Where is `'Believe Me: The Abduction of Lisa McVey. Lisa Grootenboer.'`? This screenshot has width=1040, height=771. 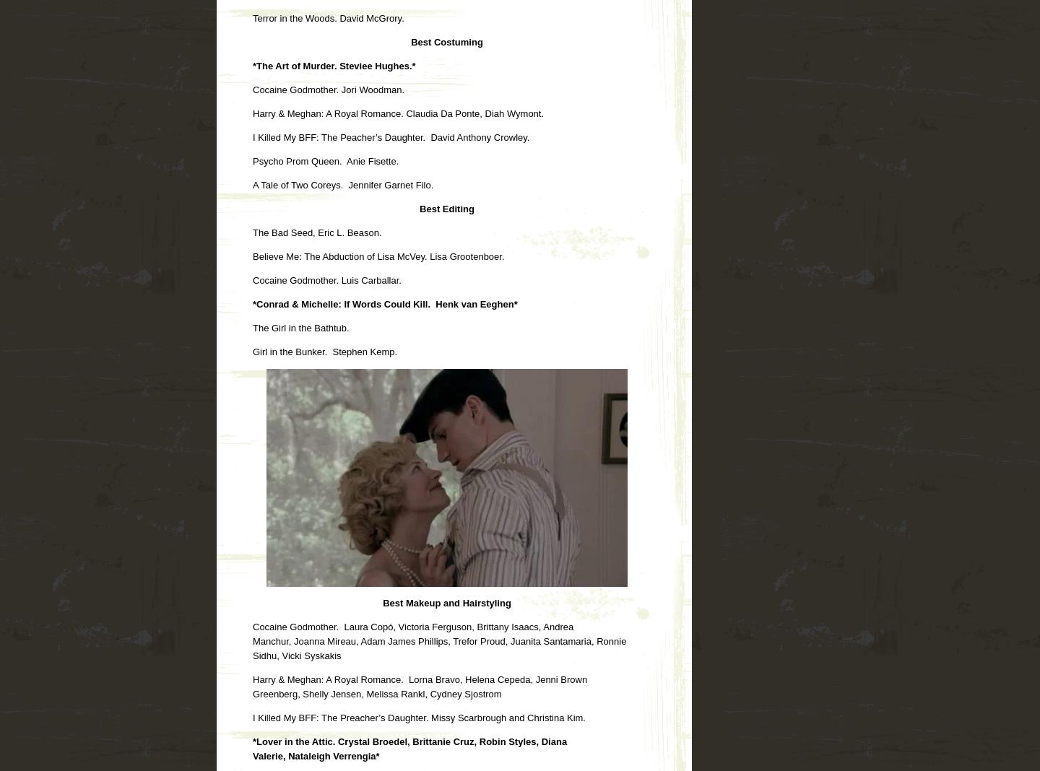
'Believe Me: The Abduction of Lisa McVey. Lisa Grootenboer.' is located at coordinates (378, 255).